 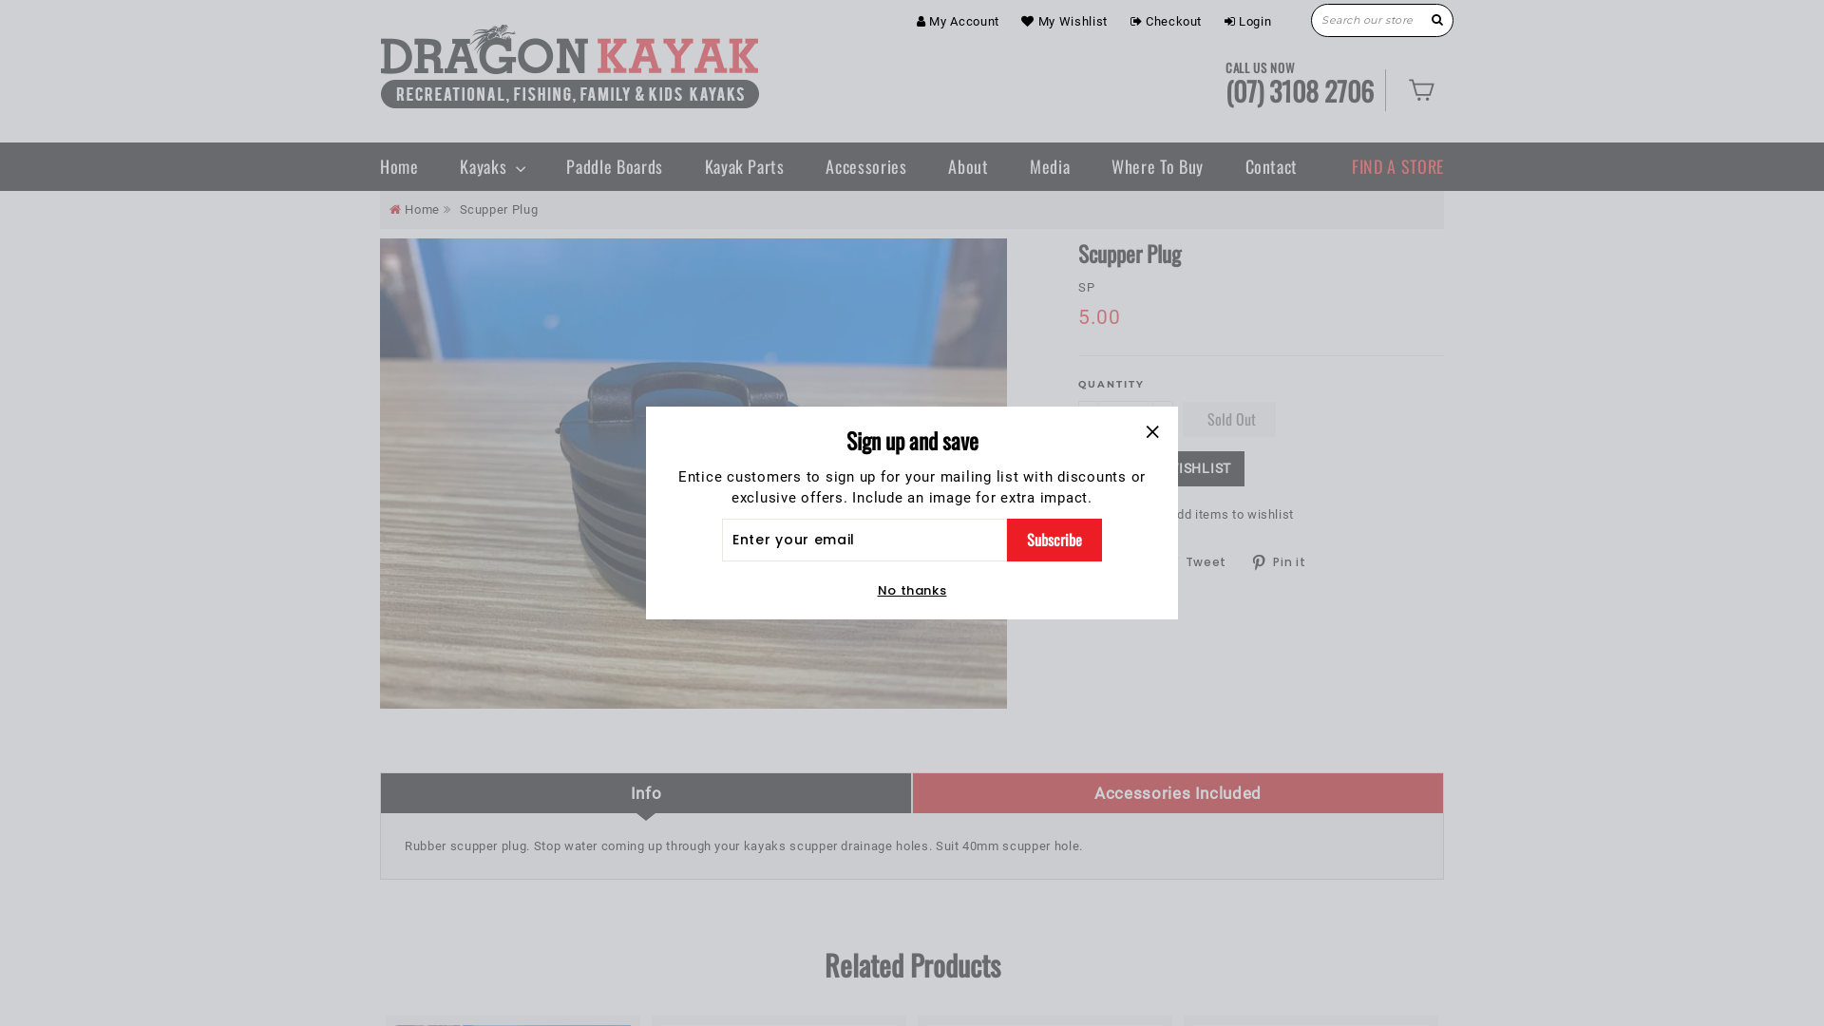 I want to click on 'Checkout, so click(x=1166, y=22).